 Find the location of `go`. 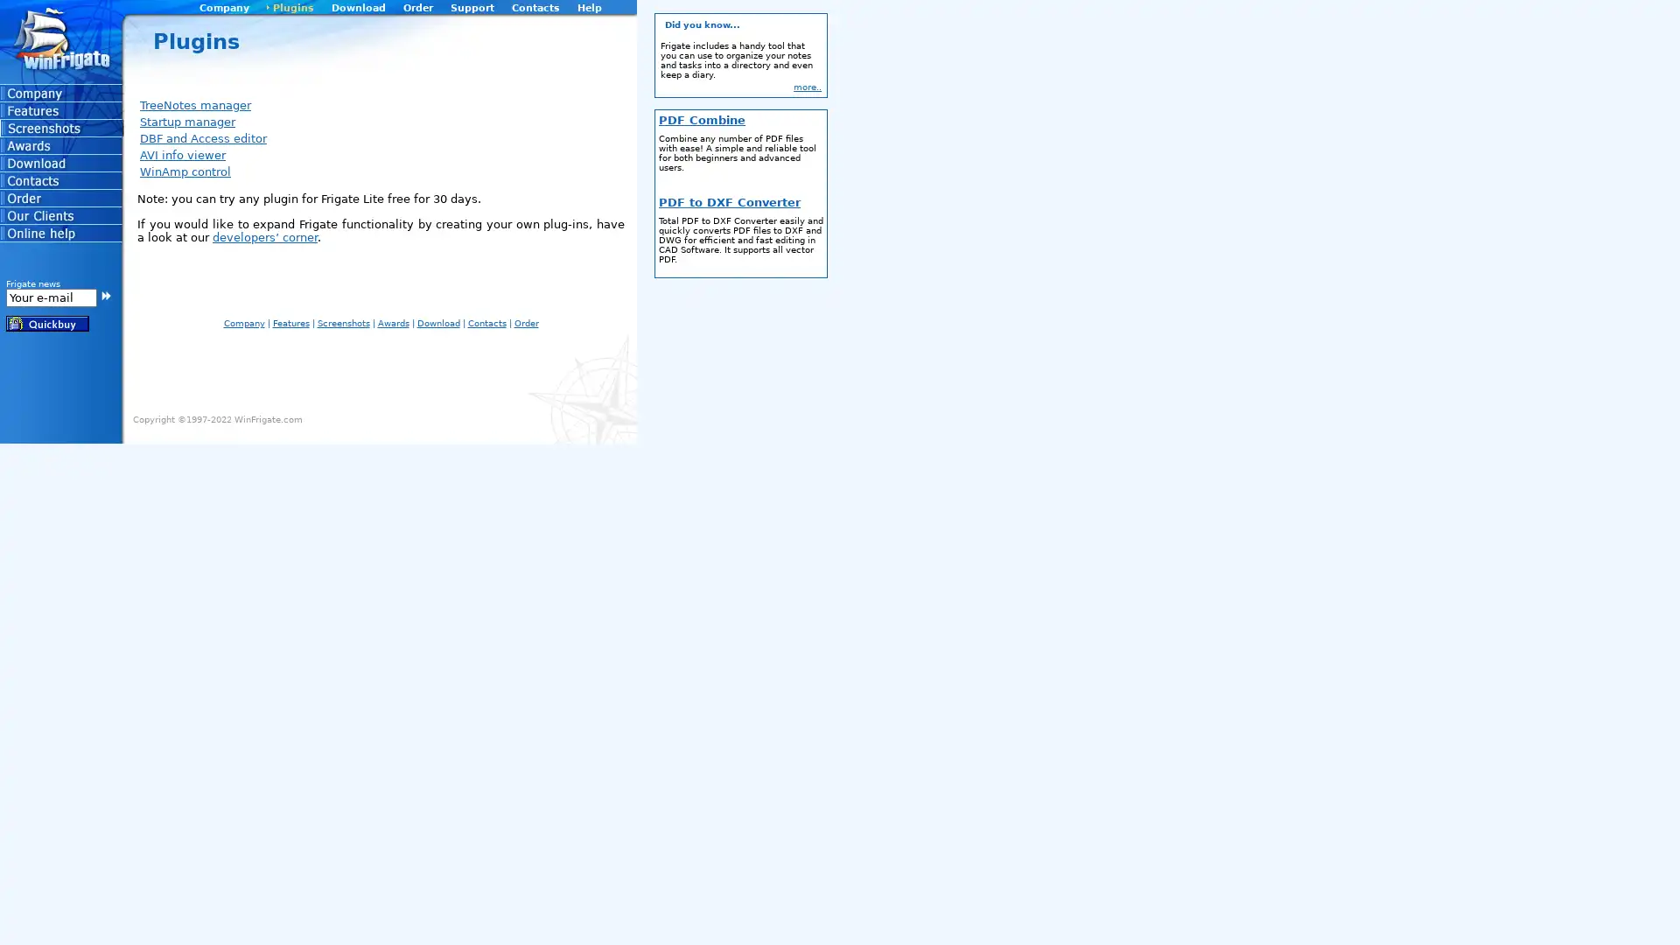

go is located at coordinates (105, 293).